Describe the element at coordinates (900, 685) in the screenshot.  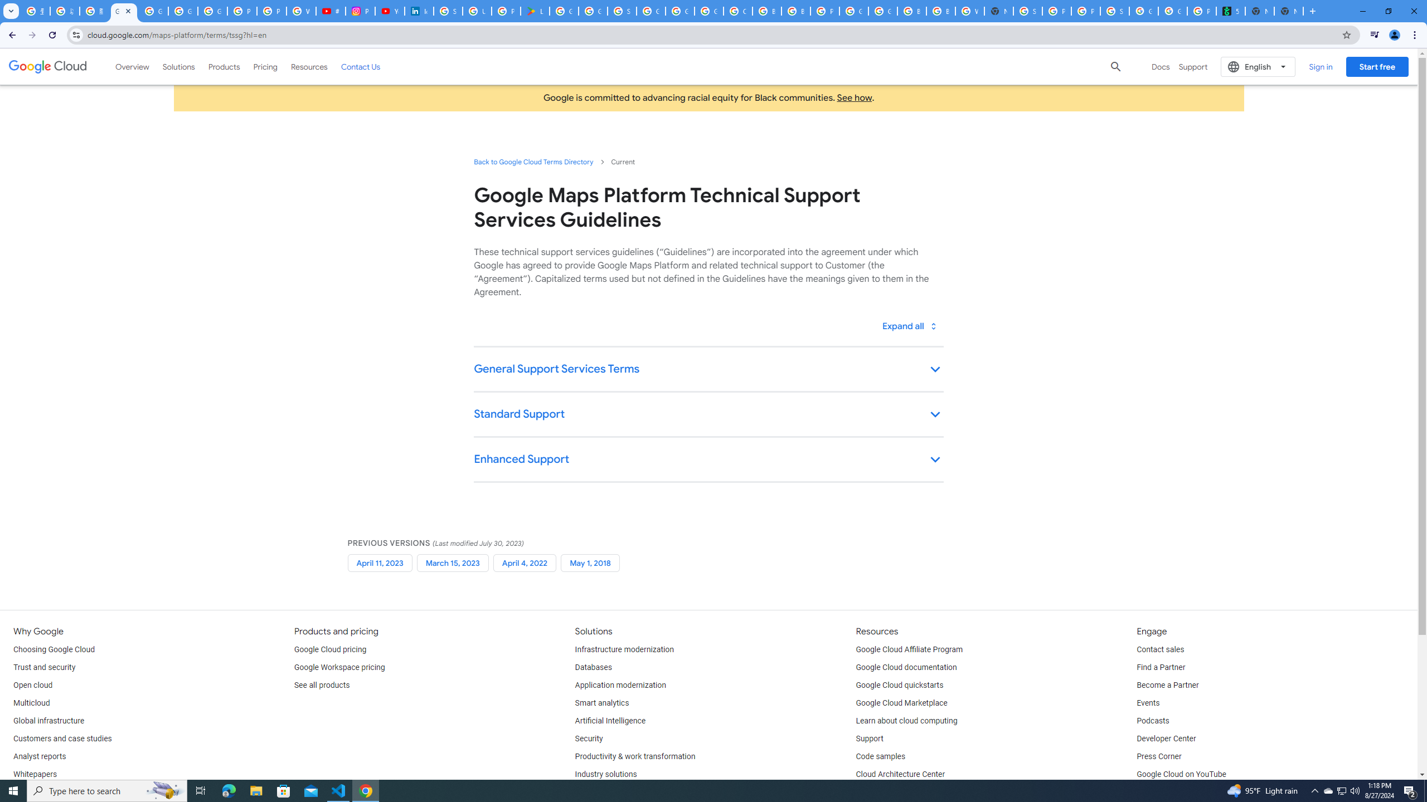
I see `'Google Cloud quickstarts'` at that location.